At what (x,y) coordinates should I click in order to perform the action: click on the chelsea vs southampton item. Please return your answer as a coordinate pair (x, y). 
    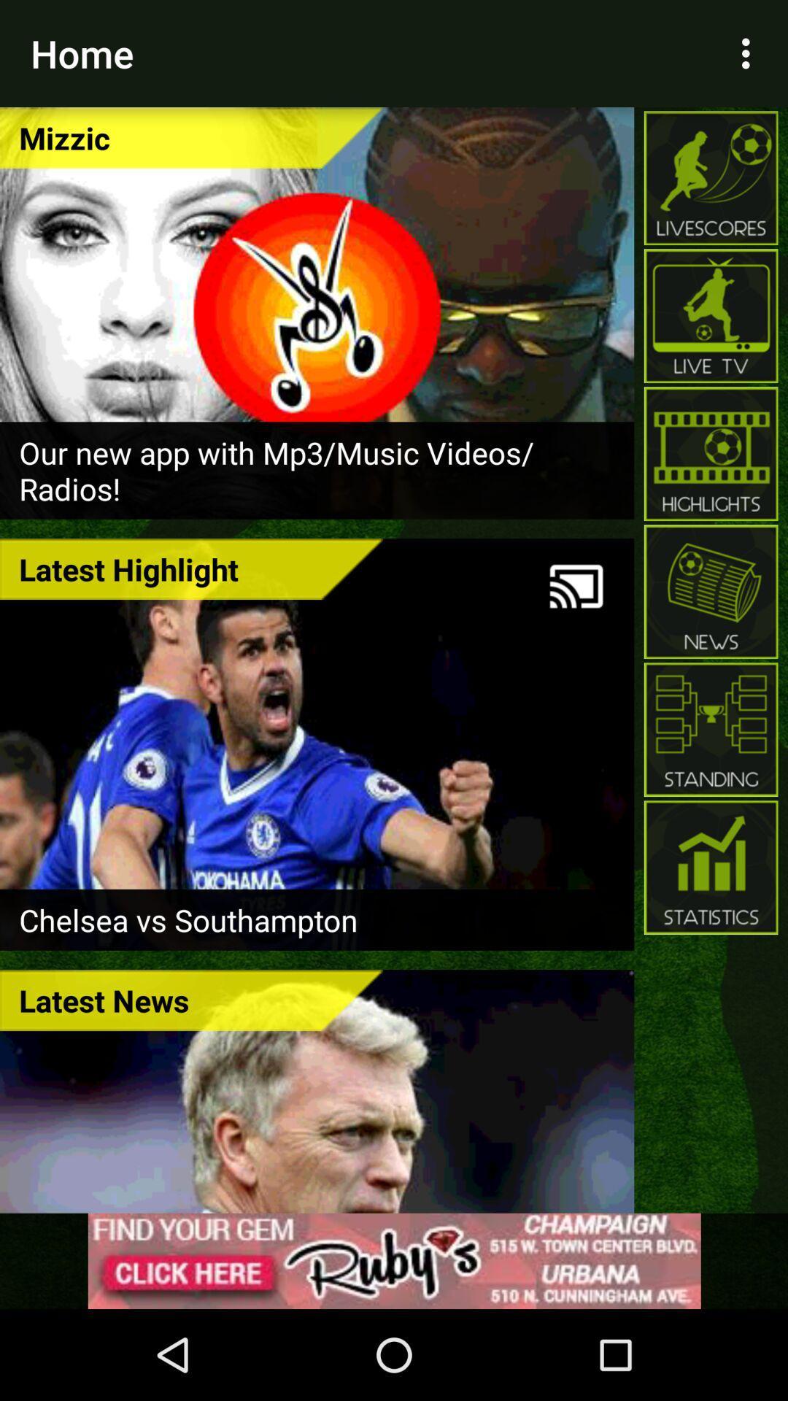
    Looking at the image, I should click on (316, 919).